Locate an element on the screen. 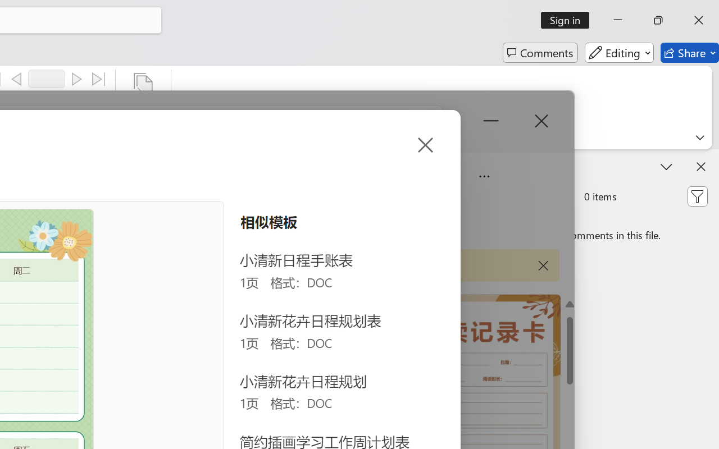  'Next' is located at coordinates (76, 79).